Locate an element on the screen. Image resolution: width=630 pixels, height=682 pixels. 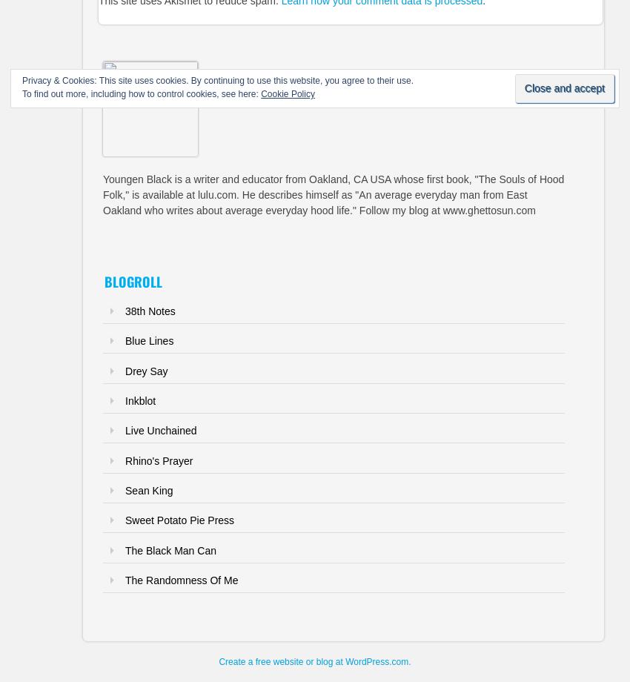
'Youngen Black is a writer and educator from Oakland, CA USA whose first book, "The Souls of Hood Folk," is available at lulu.com. He describes himself as "An average everyday man from East Oakland who writes about average everyday hood life." Follow my blog at www.ghettosun.com' is located at coordinates (332, 194).